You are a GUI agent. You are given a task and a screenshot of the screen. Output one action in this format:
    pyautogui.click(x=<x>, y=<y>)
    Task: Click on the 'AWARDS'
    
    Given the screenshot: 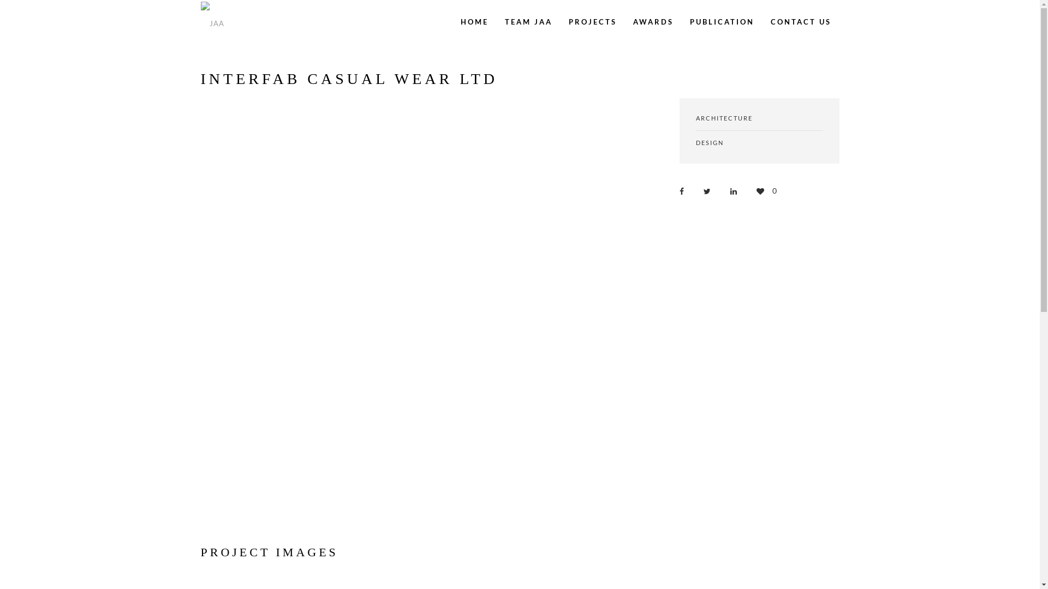 What is the action you would take?
    pyautogui.click(x=652, y=21)
    